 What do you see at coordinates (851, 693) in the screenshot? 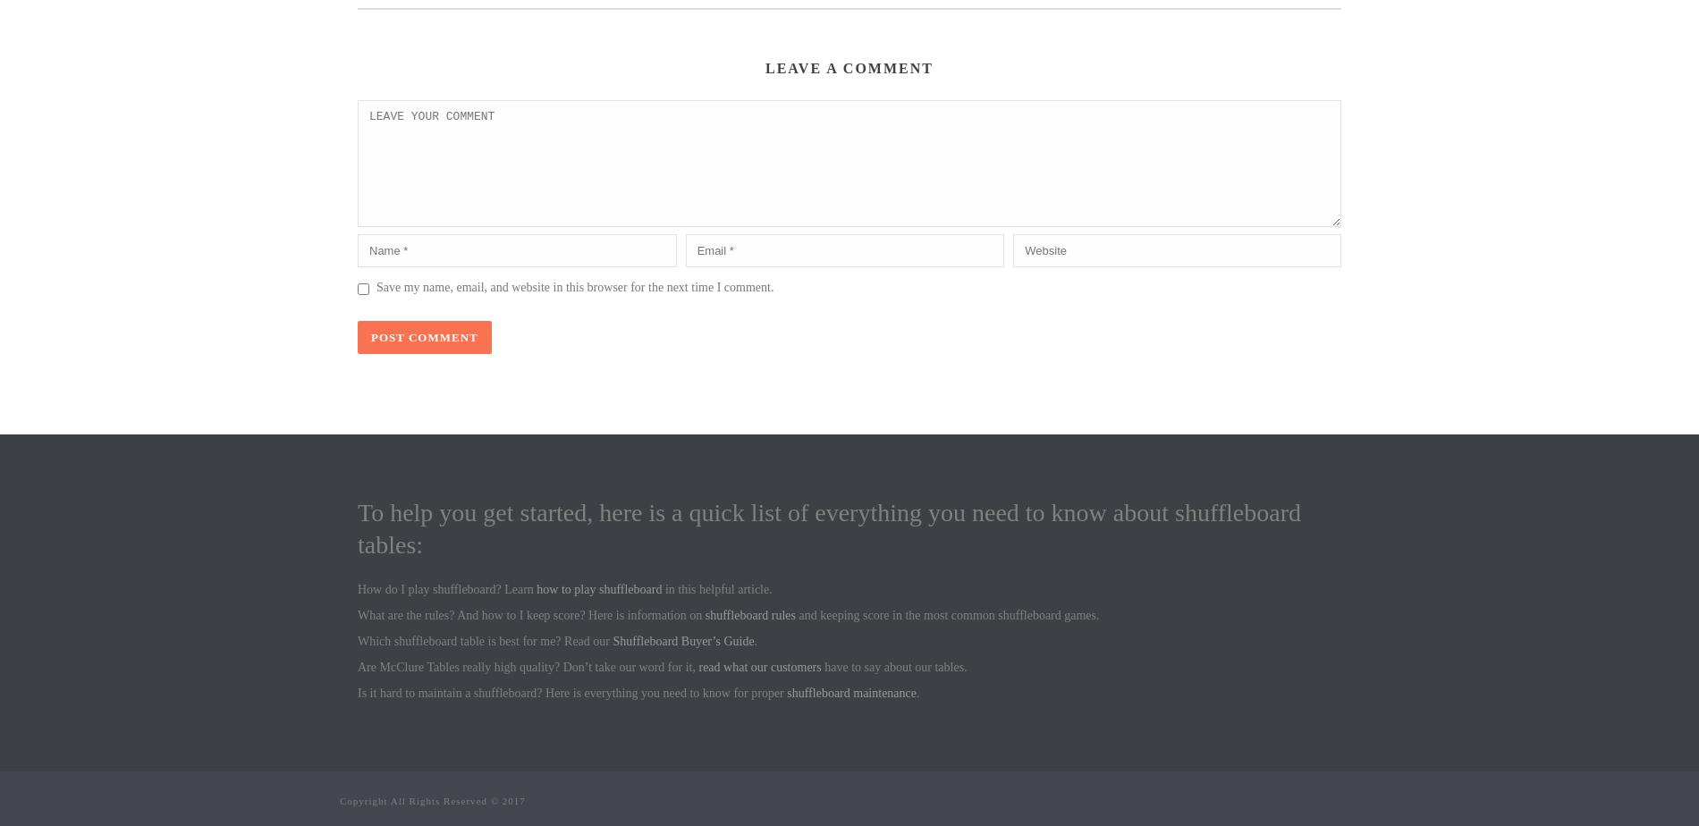
I see `'shuffleboard maintenance'` at bounding box center [851, 693].